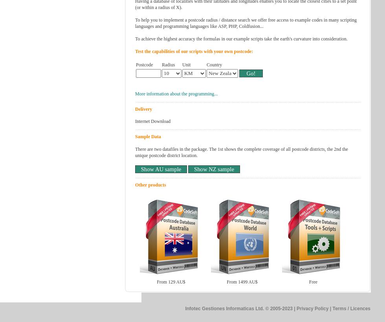 This screenshot has height=322, width=385. Describe the element at coordinates (241, 152) in the screenshot. I see `'There are two datafiles in the package. The 1st shows the complete coverage of all postcode districts, the 2nd the unique postcode district location.'` at that location.